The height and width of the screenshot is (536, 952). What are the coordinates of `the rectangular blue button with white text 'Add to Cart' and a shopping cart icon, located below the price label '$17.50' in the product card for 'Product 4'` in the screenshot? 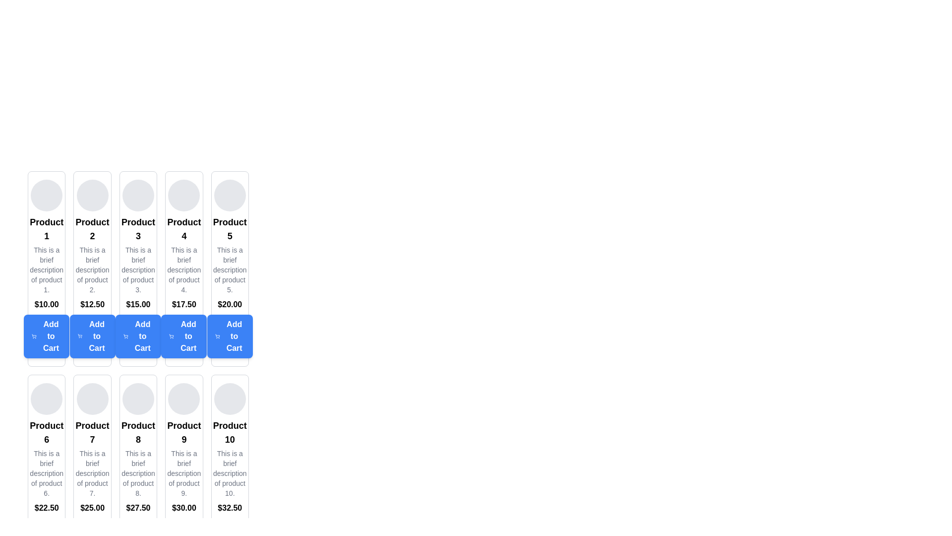 It's located at (184, 336).